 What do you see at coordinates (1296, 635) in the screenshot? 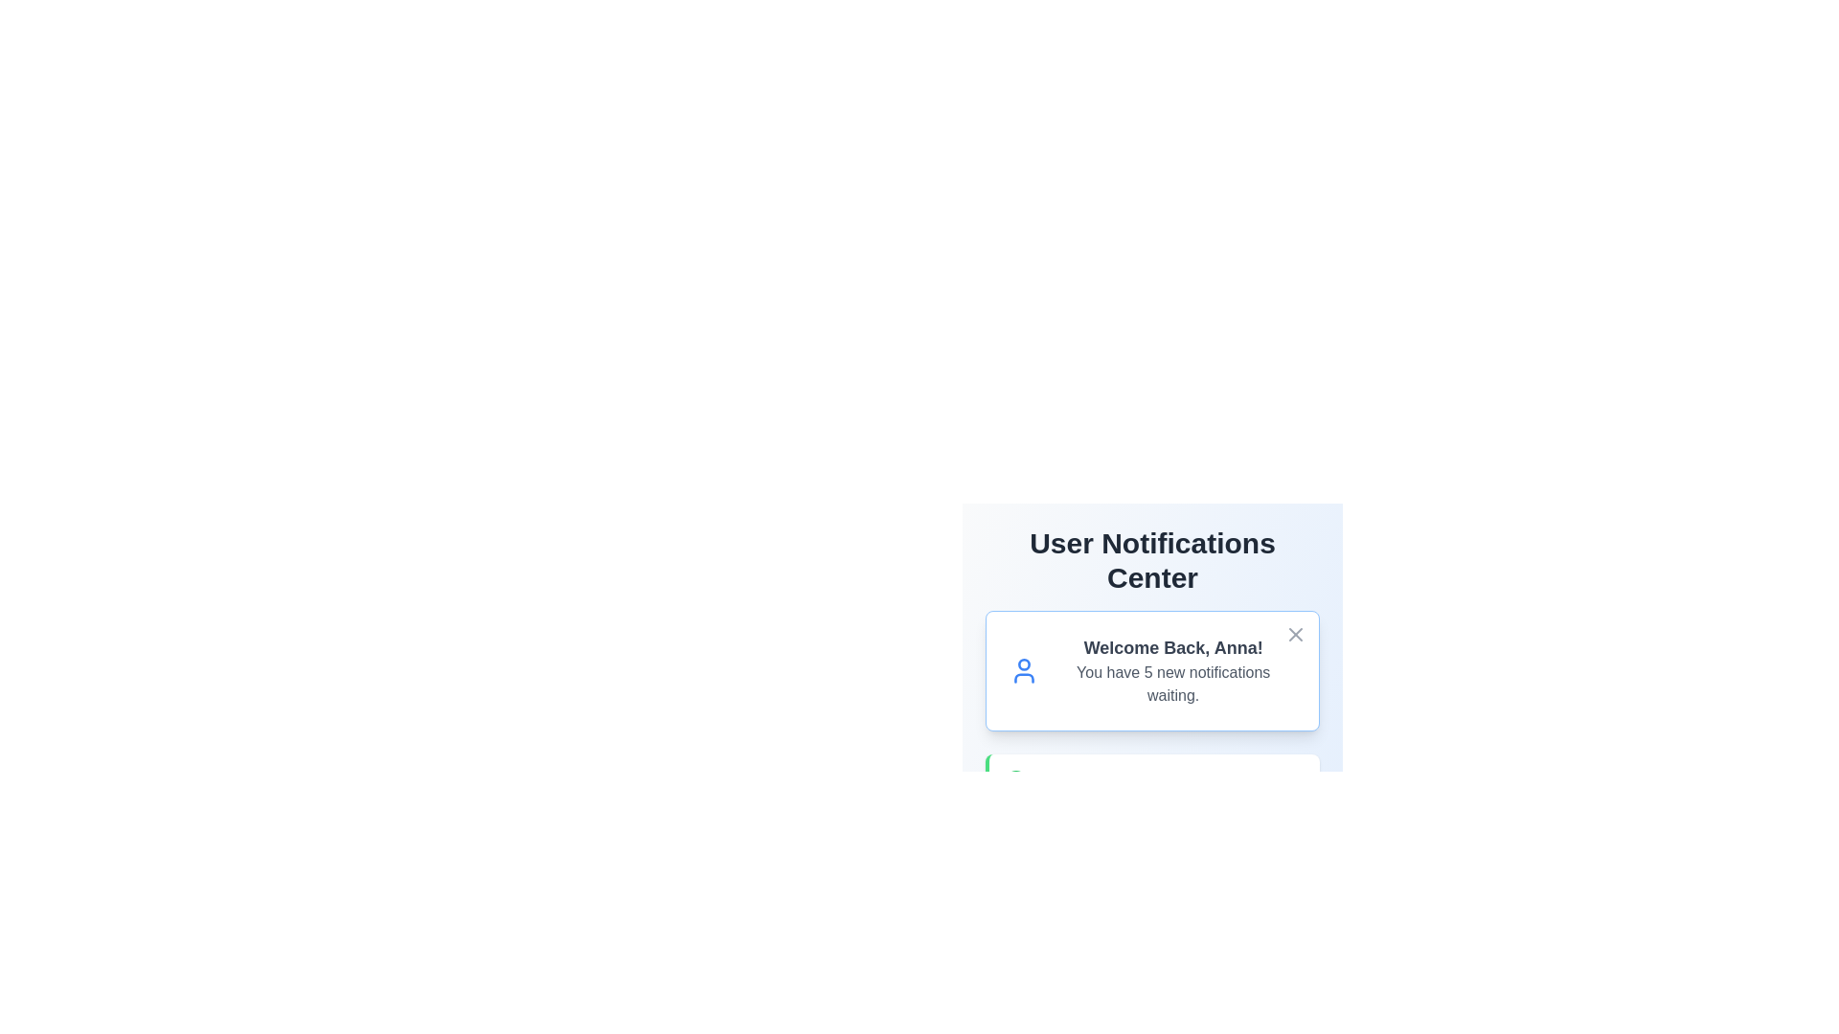
I see `the close button located at the top-right corner of the notification panel` at bounding box center [1296, 635].